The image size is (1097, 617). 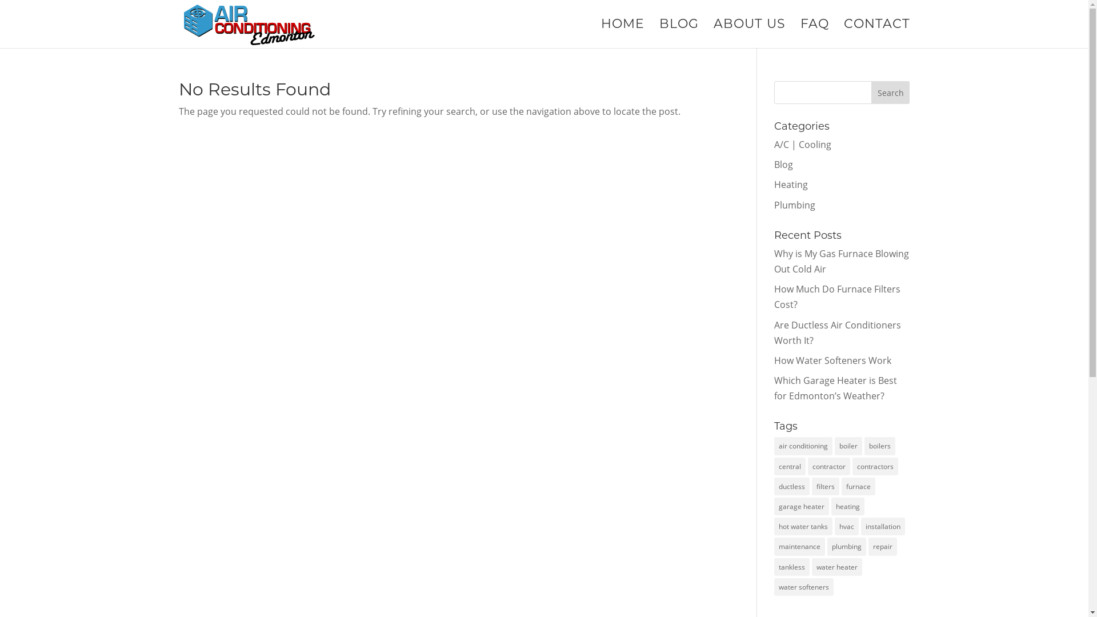 What do you see at coordinates (748, 33) in the screenshot?
I see `'ABOUT US'` at bounding box center [748, 33].